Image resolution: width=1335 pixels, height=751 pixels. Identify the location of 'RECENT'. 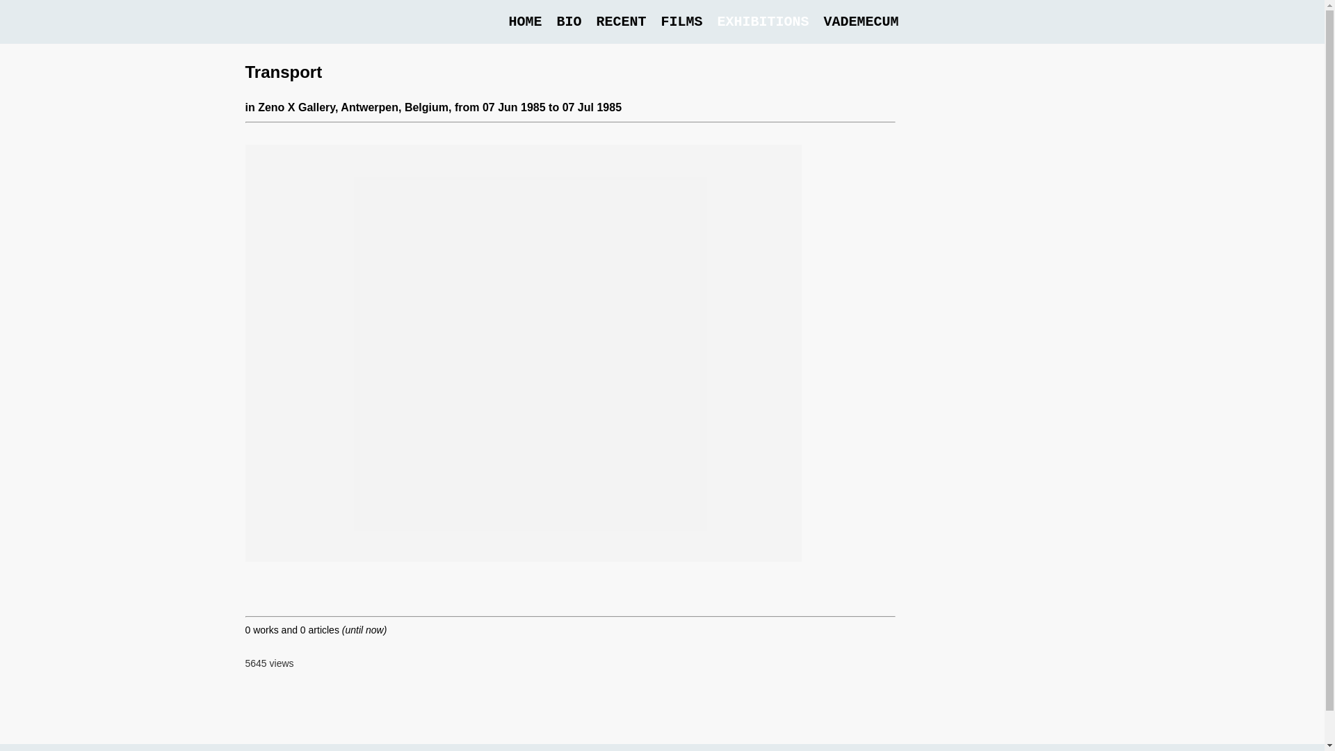
(620, 22).